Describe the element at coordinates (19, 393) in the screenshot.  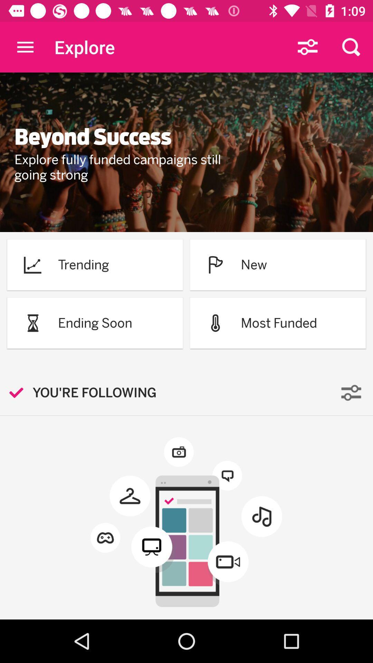
I see `icon next to you're following` at that location.